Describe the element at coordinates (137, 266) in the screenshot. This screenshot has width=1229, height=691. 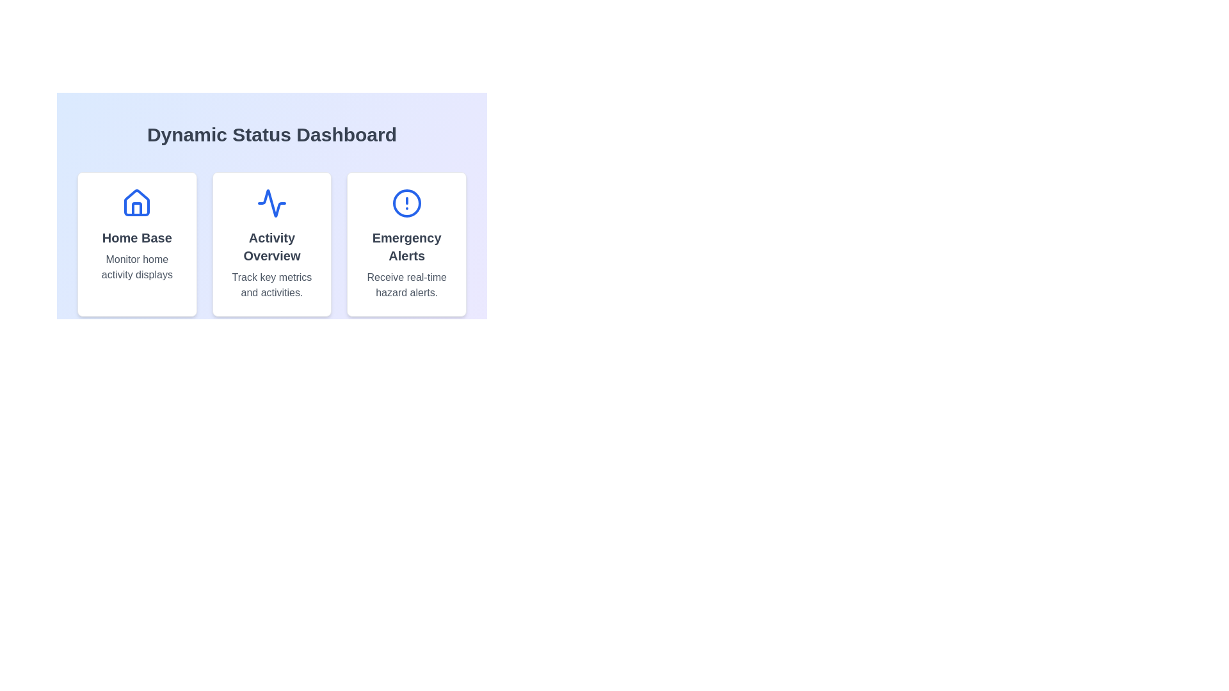
I see `descriptive text label associated with the 'Home Base' card located in the 'Dynamic Status Dashboard', positioned below the title 'Home Base'` at that location.